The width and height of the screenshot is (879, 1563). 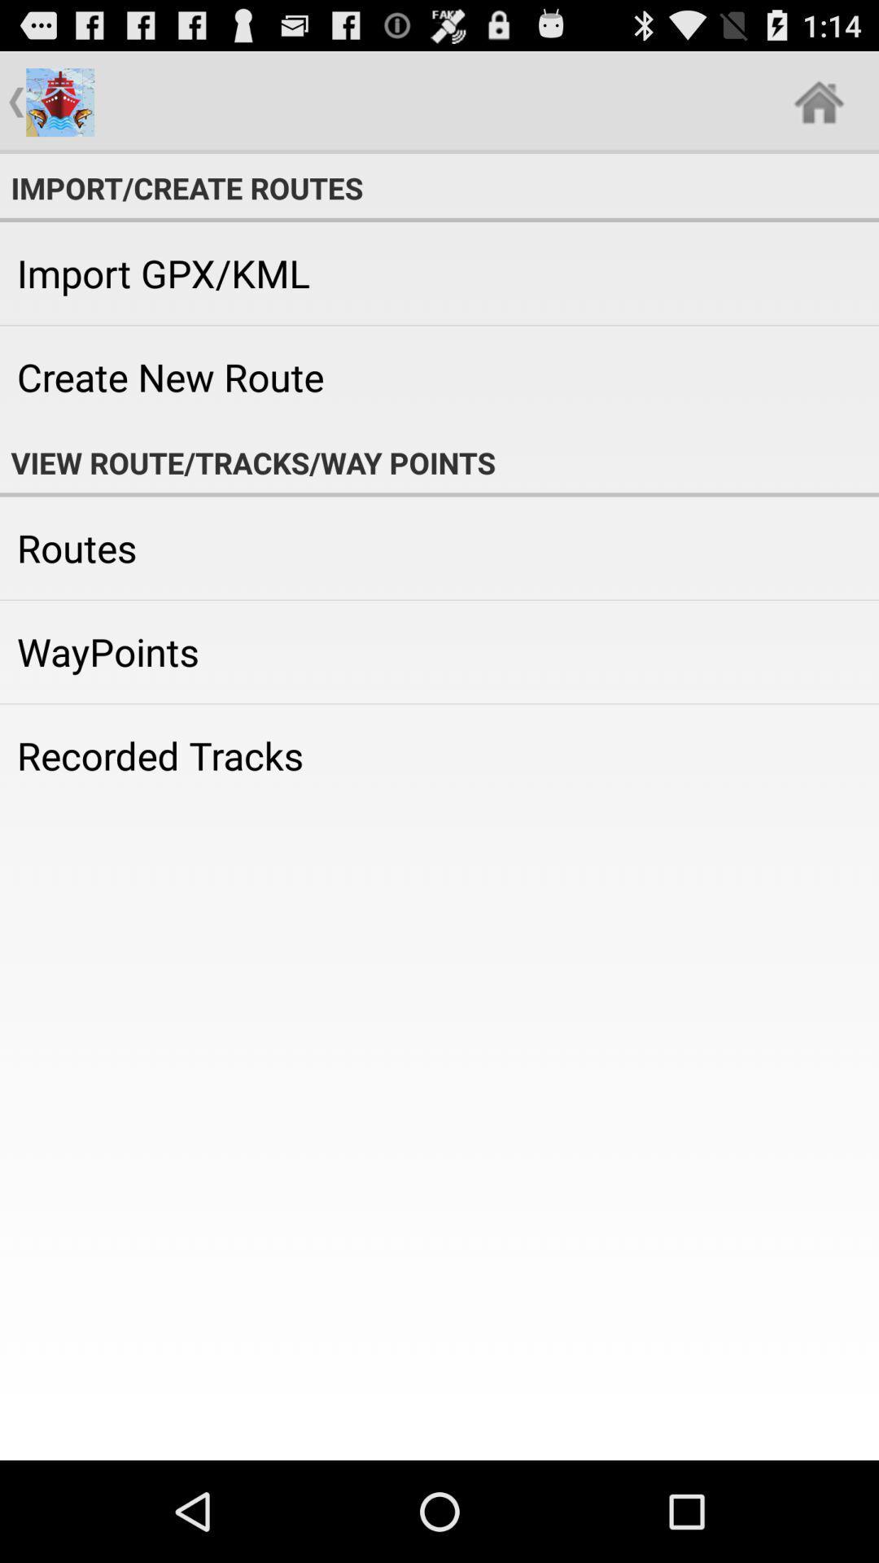 I want to click on icon below the waypoints app, so click(x=439, y=755).